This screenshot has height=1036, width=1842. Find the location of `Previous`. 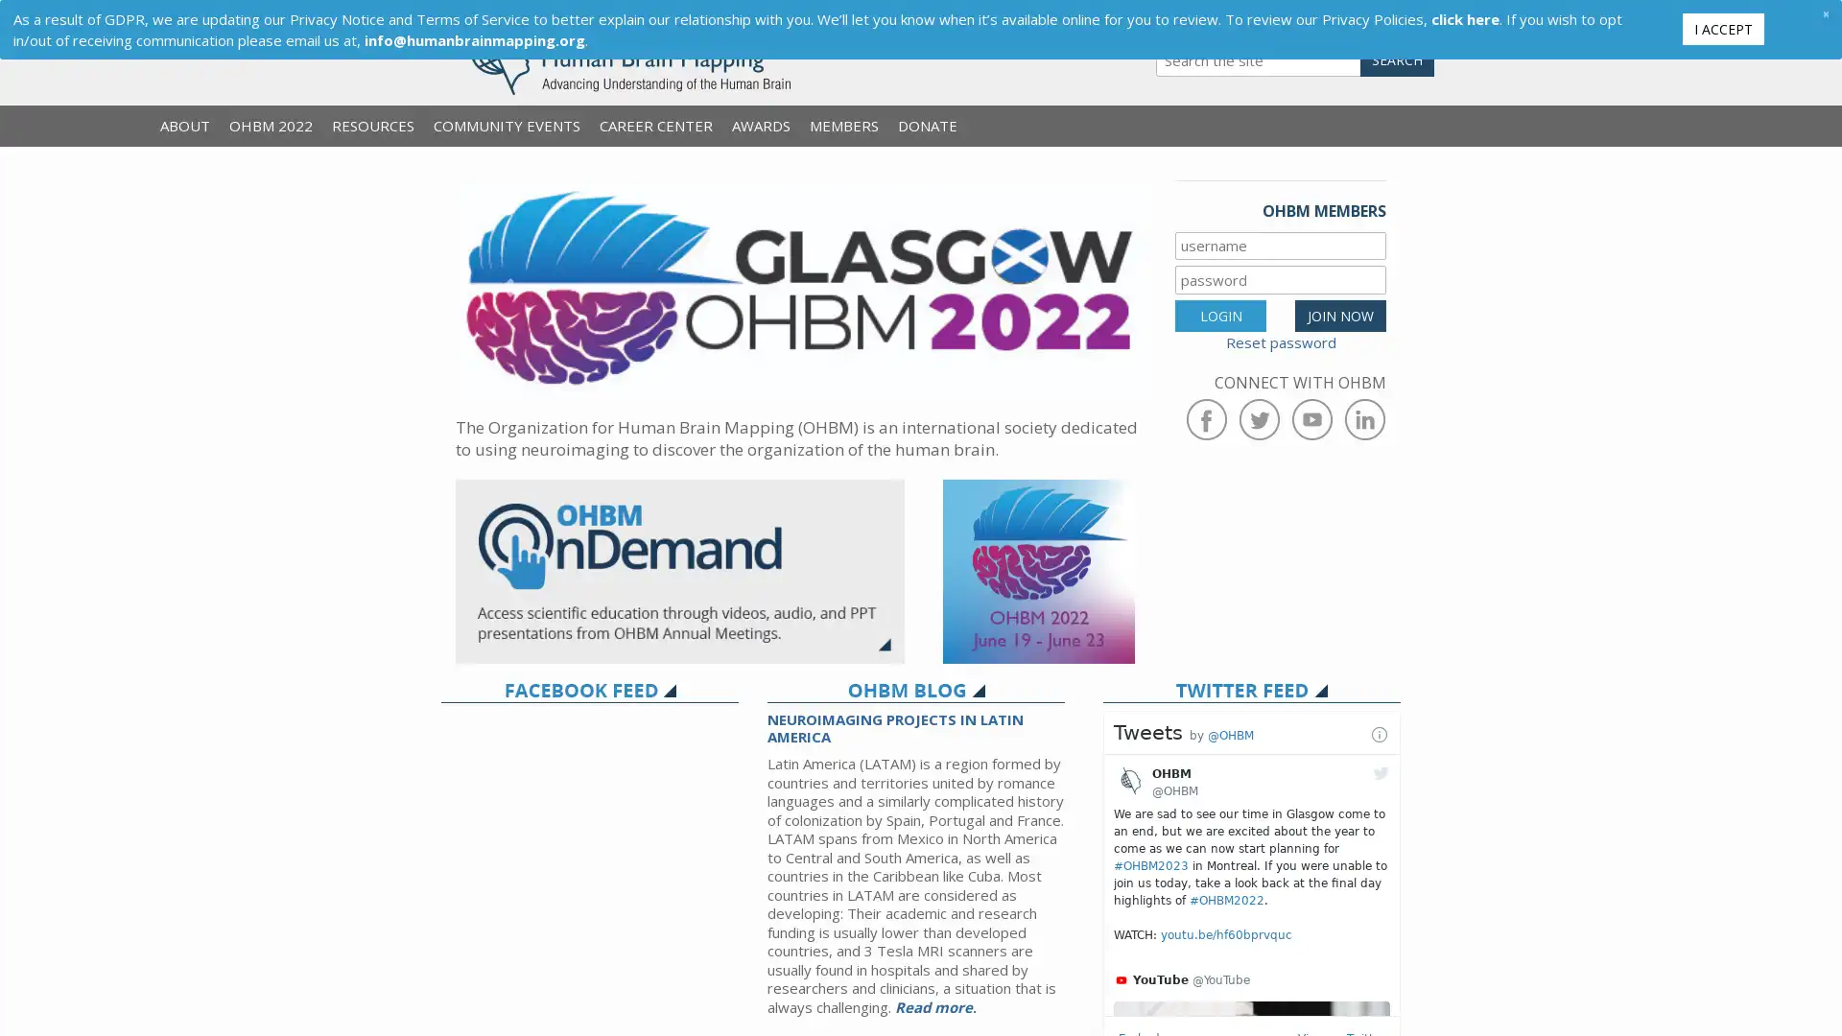

Previous is located at coordinates (507, 324).